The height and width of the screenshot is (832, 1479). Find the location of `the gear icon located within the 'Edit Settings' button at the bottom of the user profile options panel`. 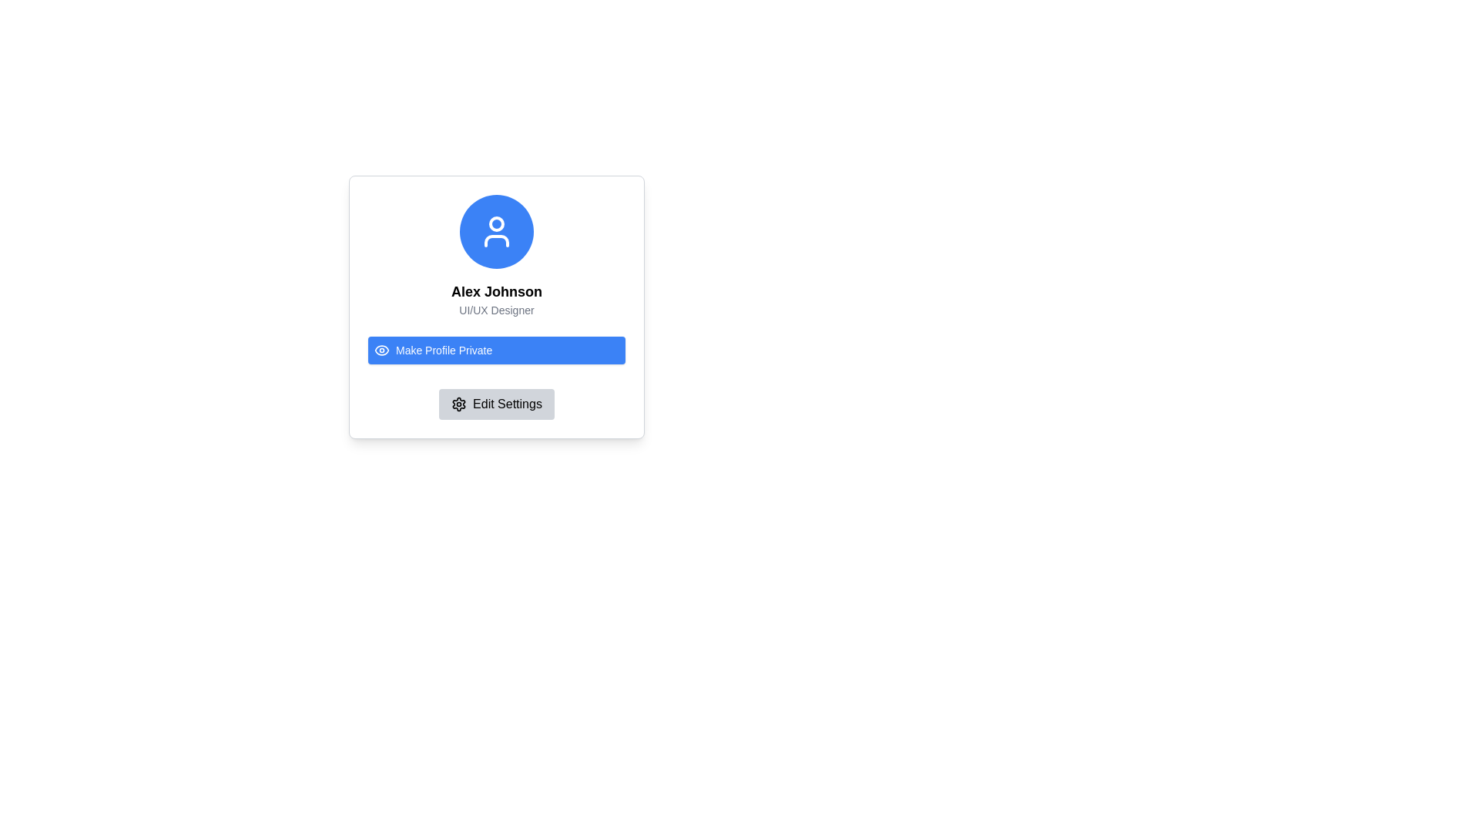

the gear icon located within the 'Edit Settings' button at the bottom of the user profile options panel is located at coordinates (458, 403).